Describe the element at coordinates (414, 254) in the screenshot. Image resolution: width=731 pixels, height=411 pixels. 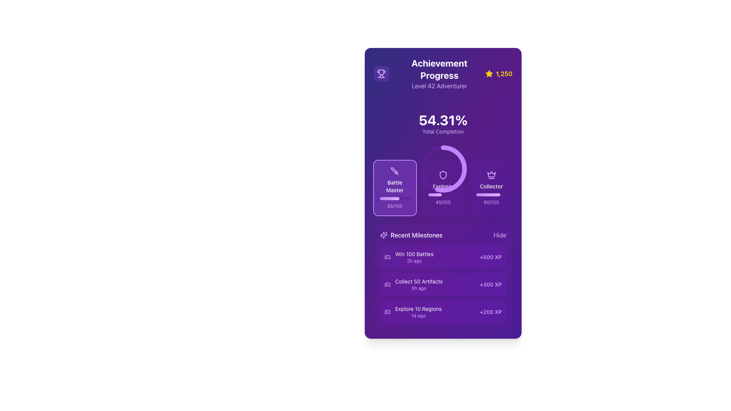
I see `static text label displaying the phrase 'Win 100 Battles' located on a purple background as part of the recent milestones section` at that location.